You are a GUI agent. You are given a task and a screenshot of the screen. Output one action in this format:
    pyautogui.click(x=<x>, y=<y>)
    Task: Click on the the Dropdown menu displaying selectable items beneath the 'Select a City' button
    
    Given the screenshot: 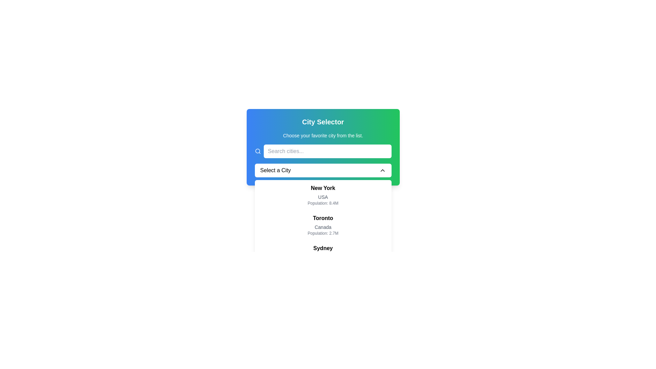 What is the action you would take?
    pyautogui.click(x=323, y=240)
    